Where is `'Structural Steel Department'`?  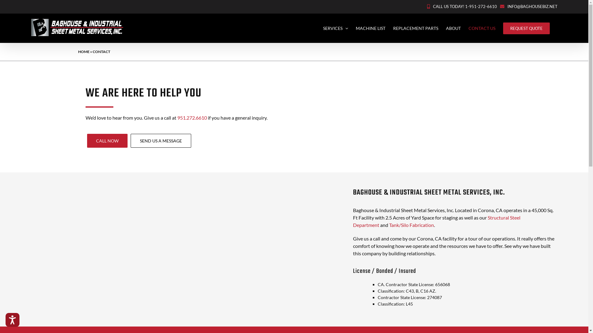
'Structural Steel Department' is located at coordinates (436, 221).